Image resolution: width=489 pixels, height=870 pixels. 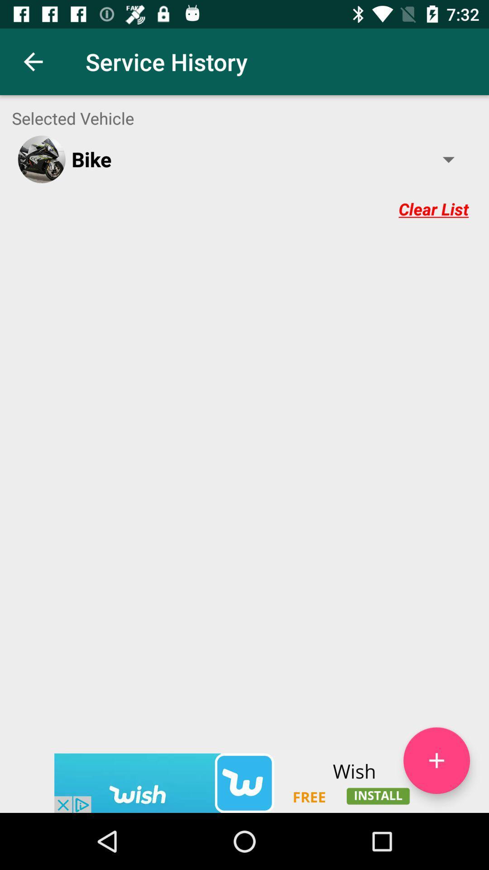 What do you see at coordinates (244, 783) in the screenshot?
I see `advertisement` at bounding box center [244, 783].